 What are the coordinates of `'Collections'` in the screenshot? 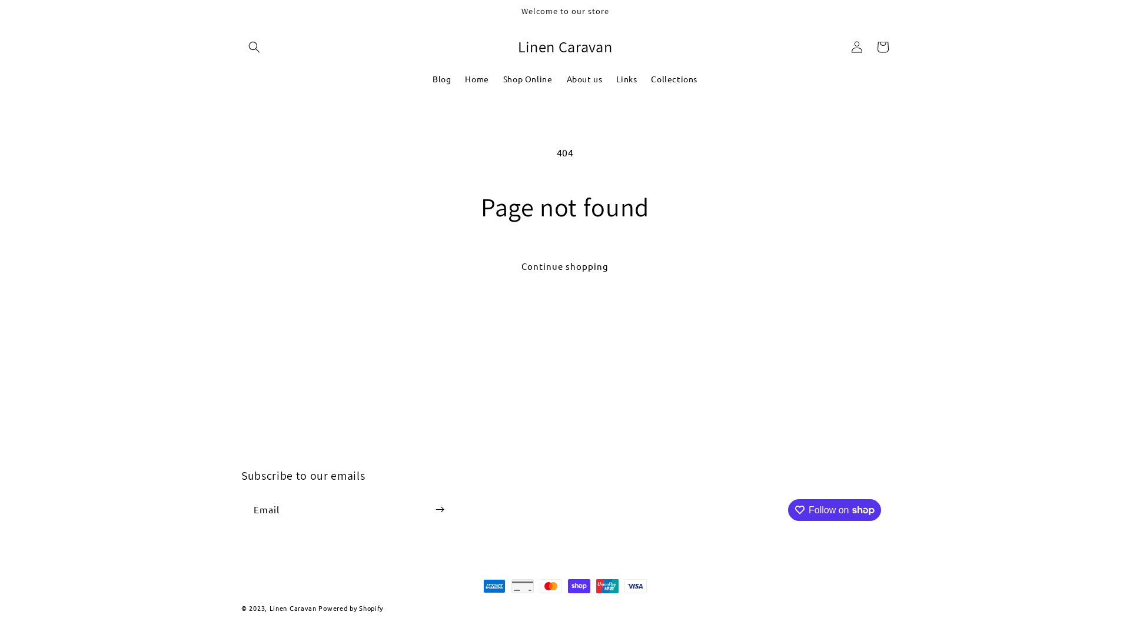 It's located at (643, 79).